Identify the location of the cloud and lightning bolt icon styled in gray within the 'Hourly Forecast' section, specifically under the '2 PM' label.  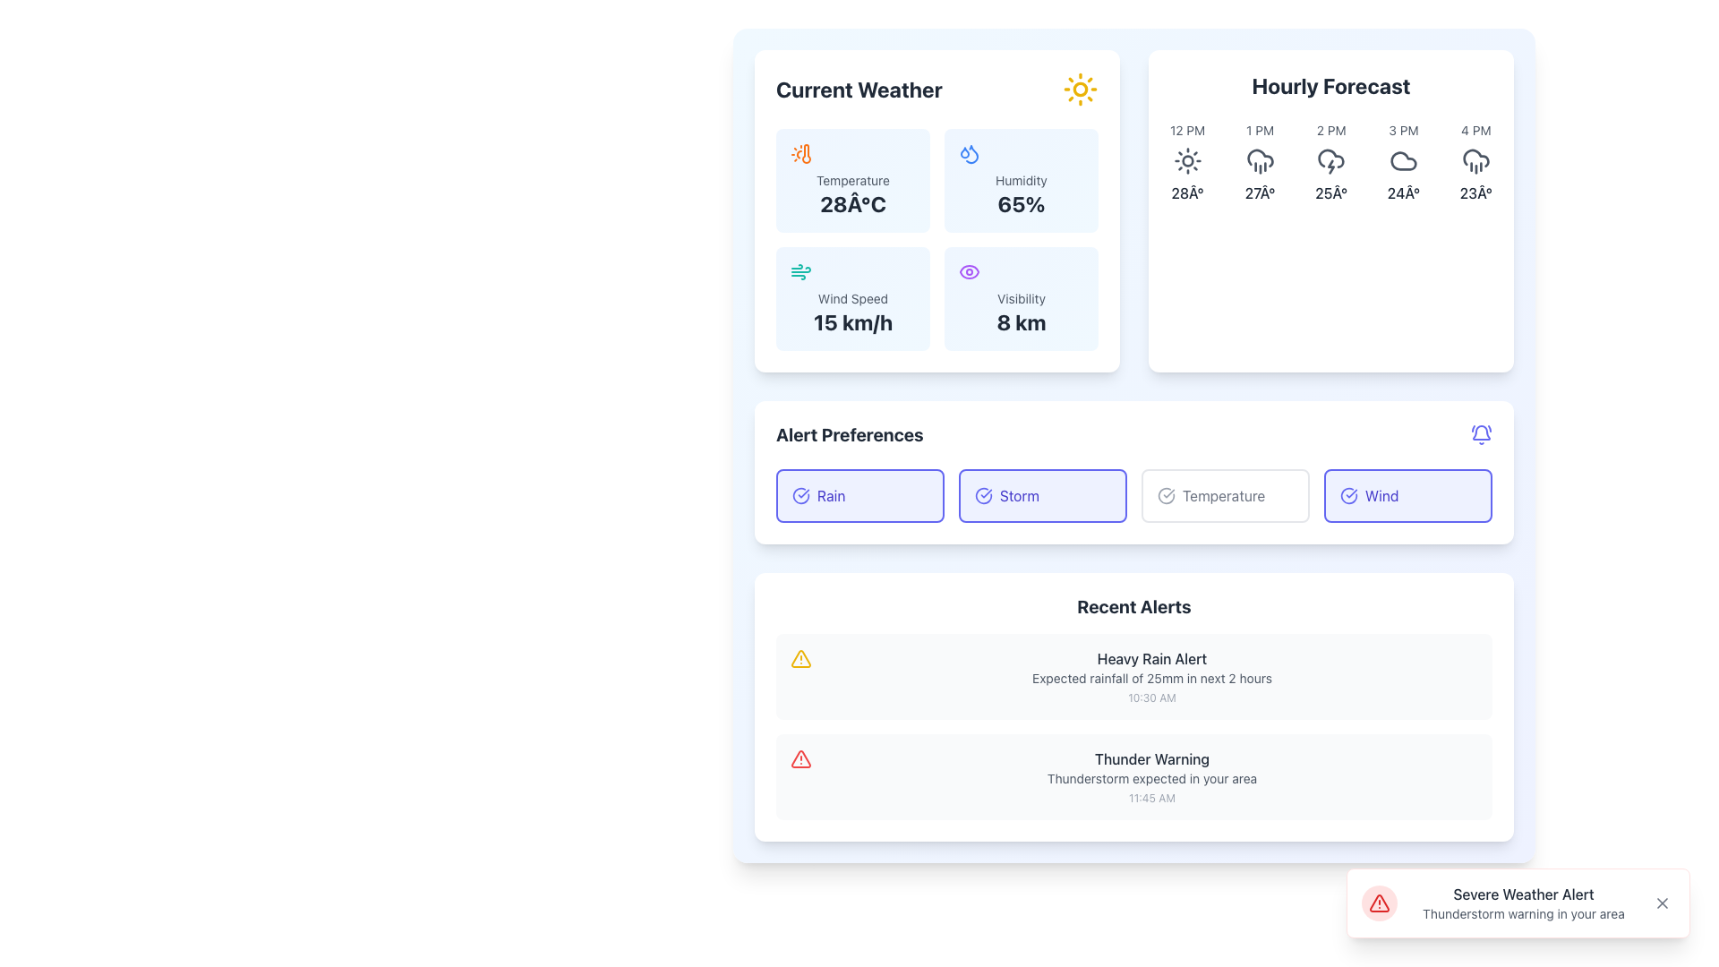
(1331, 161).